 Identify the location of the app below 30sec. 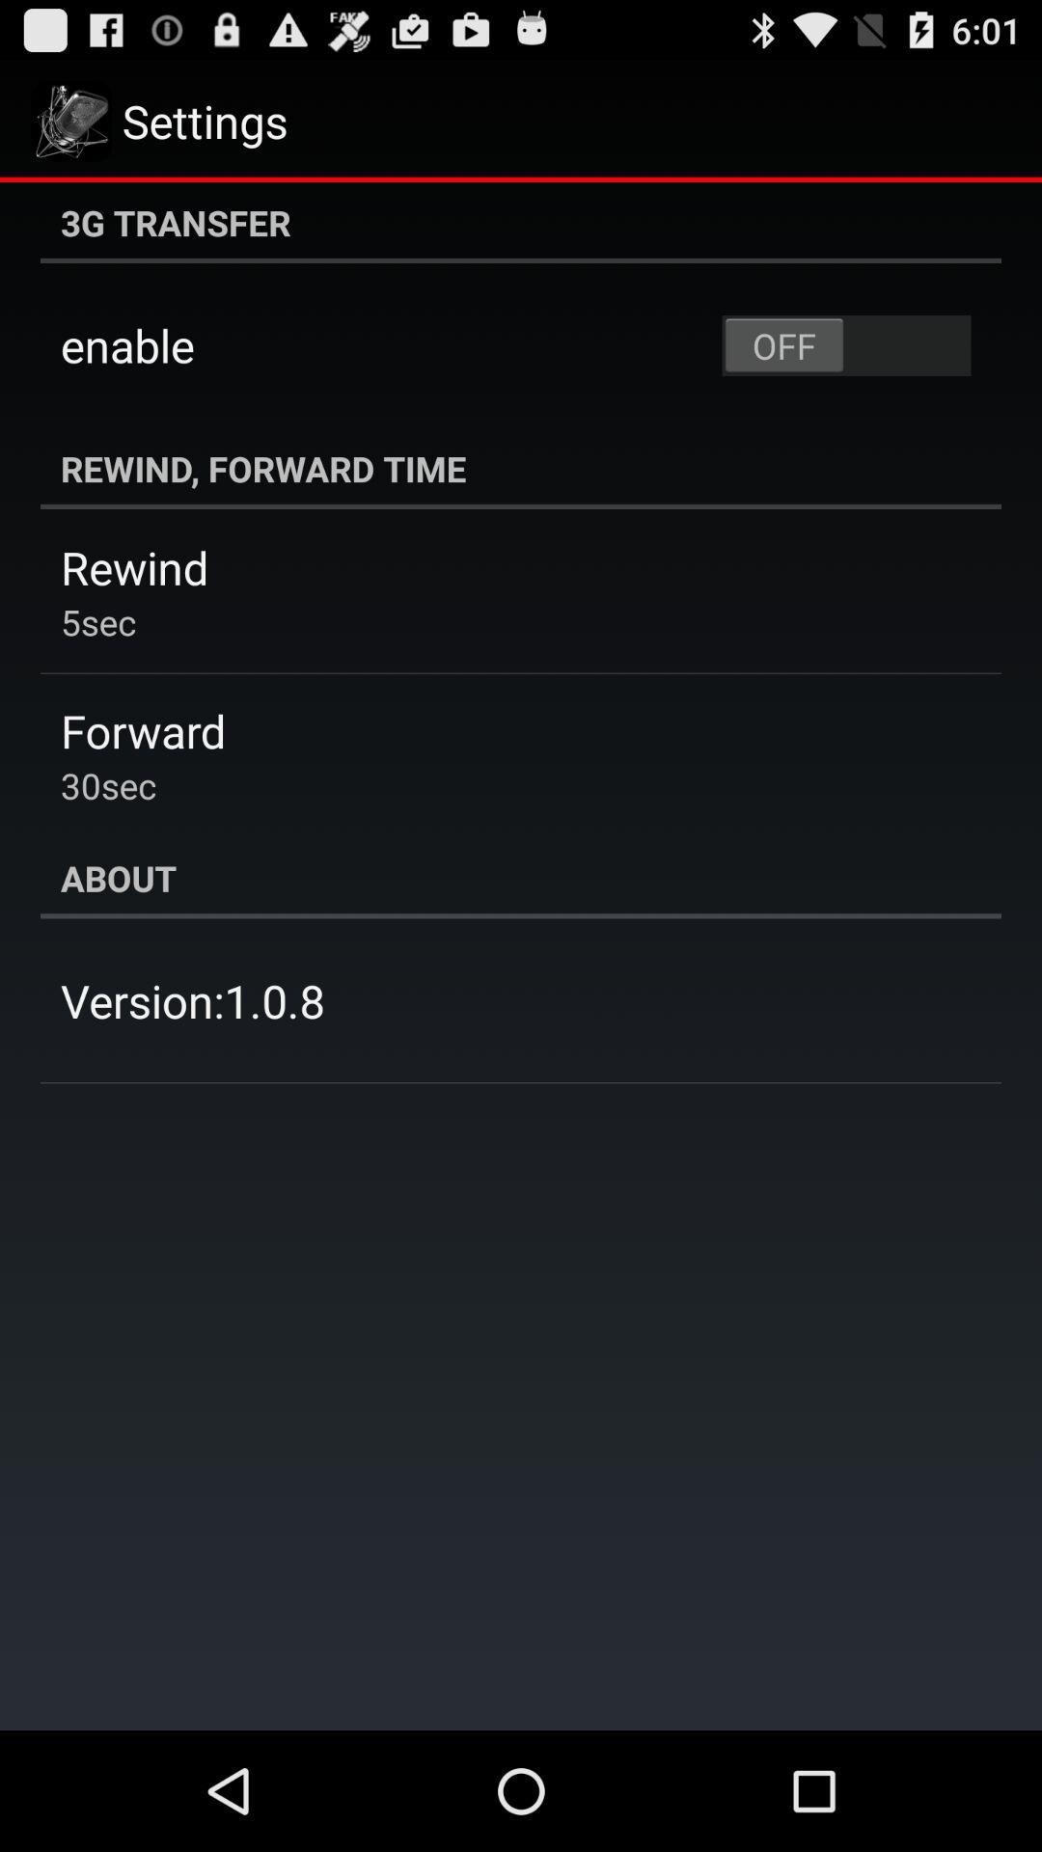
(521, 877).